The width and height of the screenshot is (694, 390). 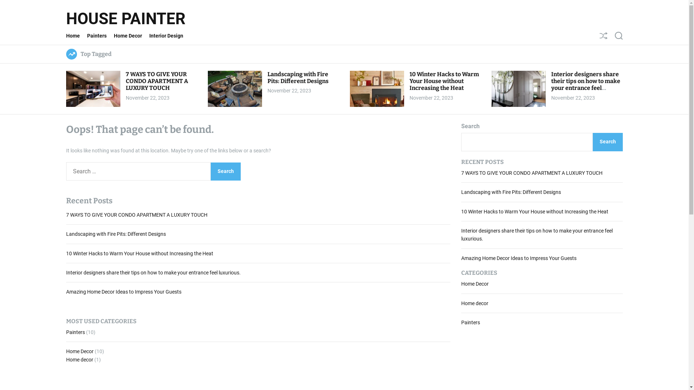 What do you see at coordinates (149, 36) in the screenshot?
I see `'Interior Design'` at bounding box center [149, 36].